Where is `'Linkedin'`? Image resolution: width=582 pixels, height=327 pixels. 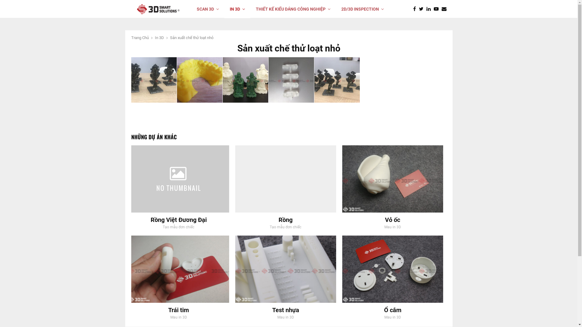
'Linkedin' is located at coordinates (429, 9).